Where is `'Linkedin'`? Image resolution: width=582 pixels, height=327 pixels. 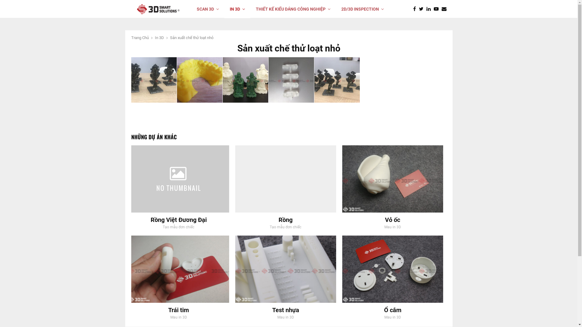
'Linkedin' is located at coordinates (429, 9).